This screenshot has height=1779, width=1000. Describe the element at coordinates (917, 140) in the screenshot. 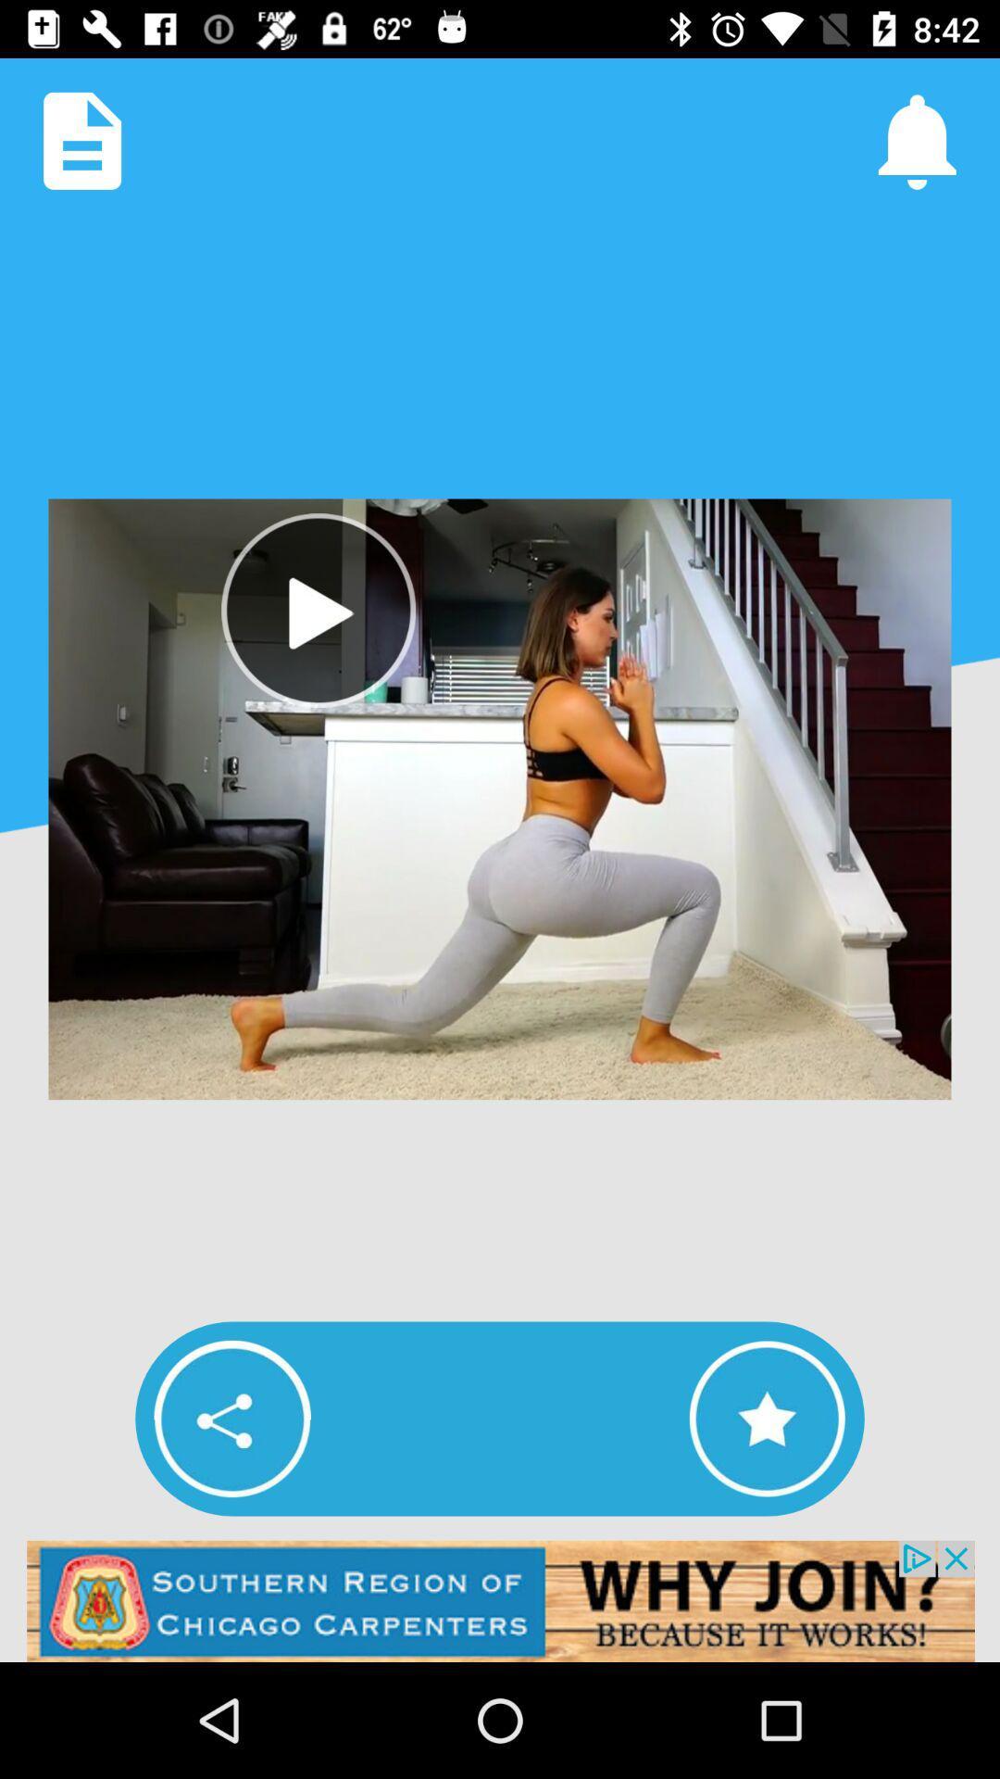

I see `notifications` at that location.